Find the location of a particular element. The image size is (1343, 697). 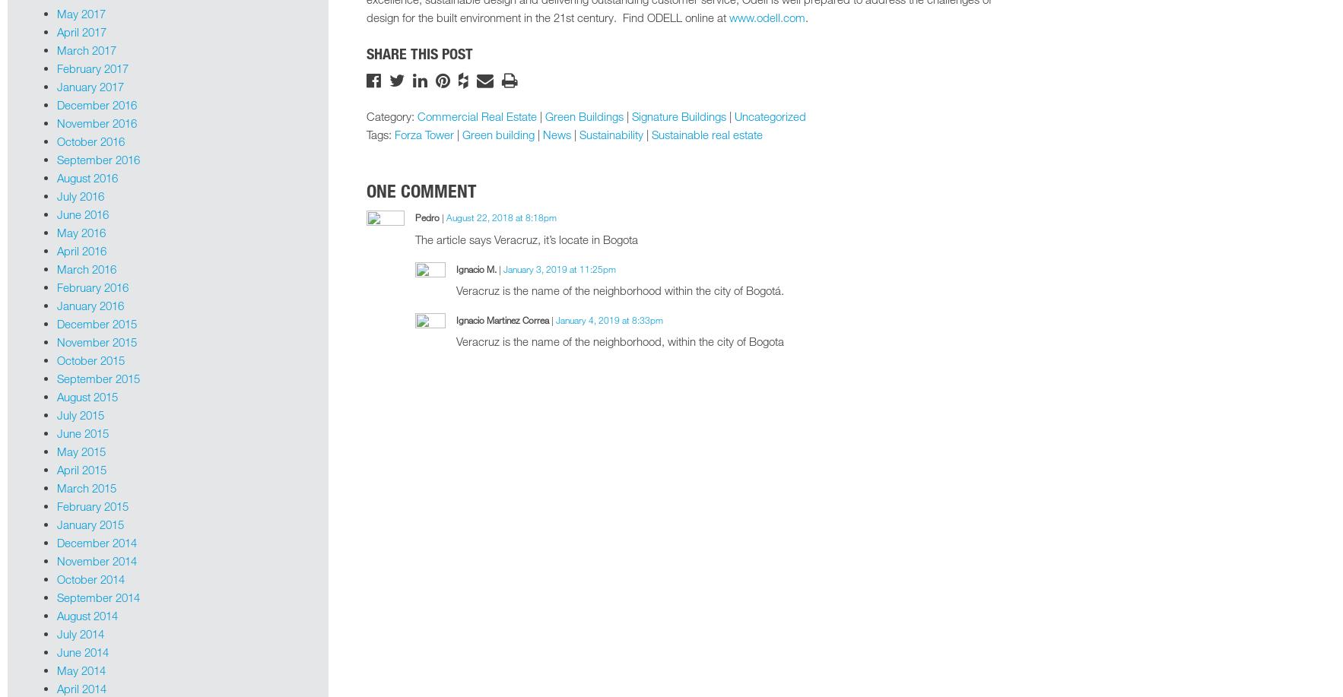

'Share this Post' is located at coordinates (418, 52).